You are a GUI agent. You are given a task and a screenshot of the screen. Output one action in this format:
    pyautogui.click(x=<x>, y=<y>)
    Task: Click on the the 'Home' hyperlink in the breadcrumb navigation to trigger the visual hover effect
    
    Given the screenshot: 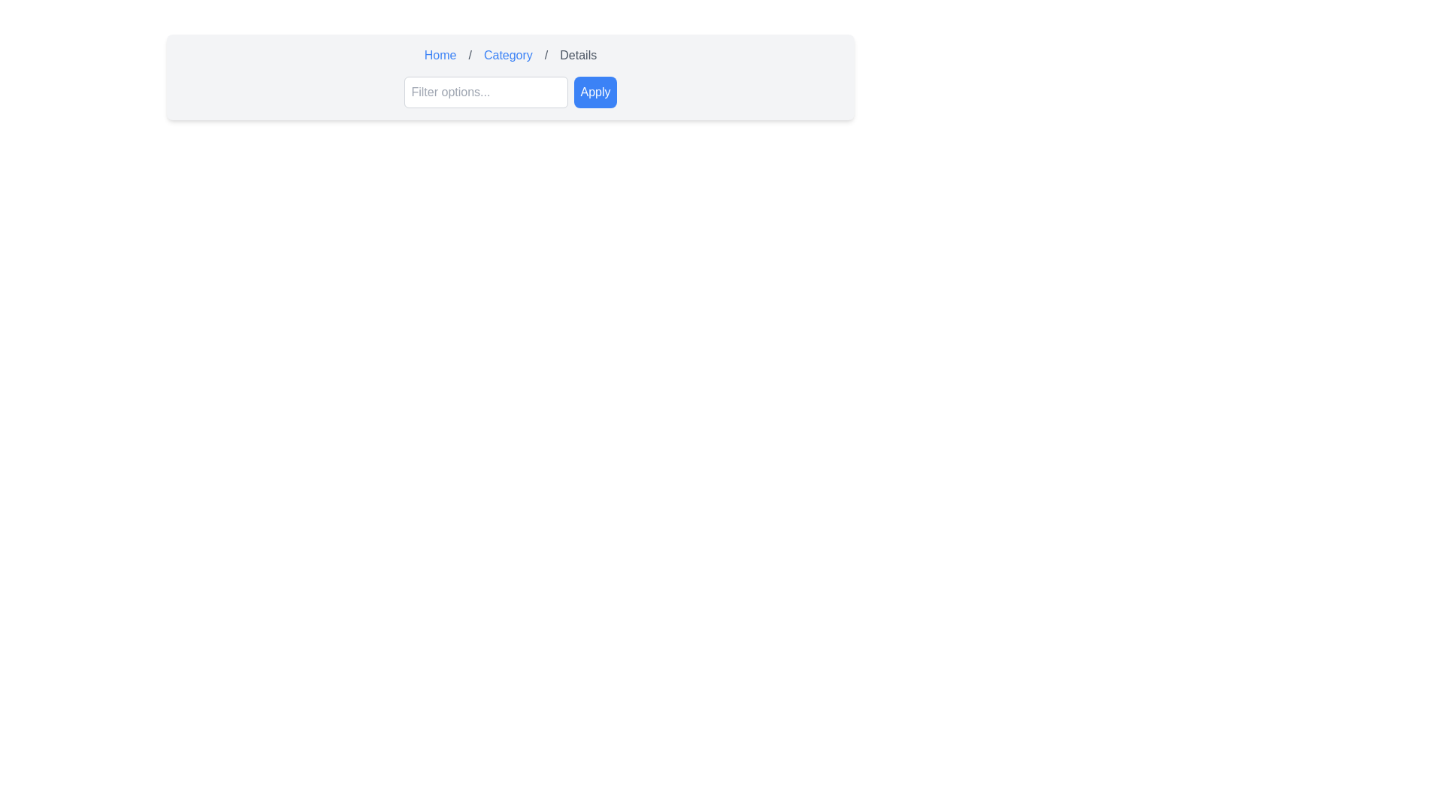 What is the action you would take?
    pyautogui.click(x=440, y=54)
    